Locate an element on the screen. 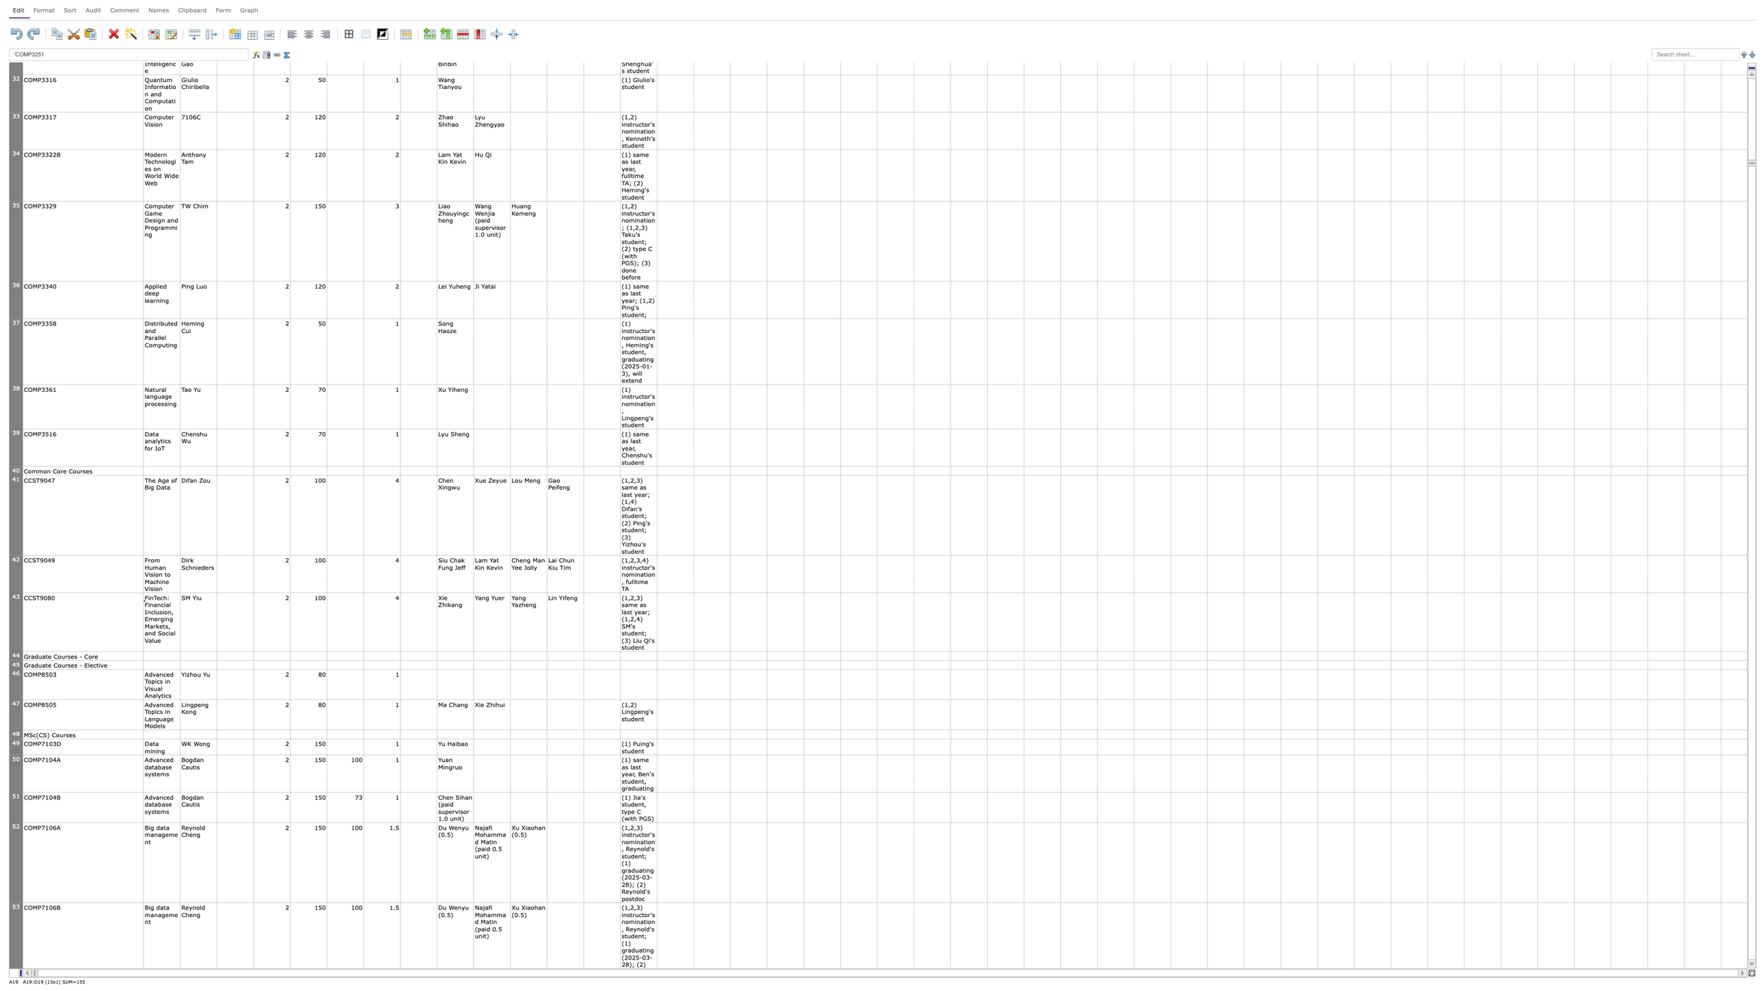 The width and height of the screenshot is (1761, 991). row header 45 is located at coordinates (16, 664).